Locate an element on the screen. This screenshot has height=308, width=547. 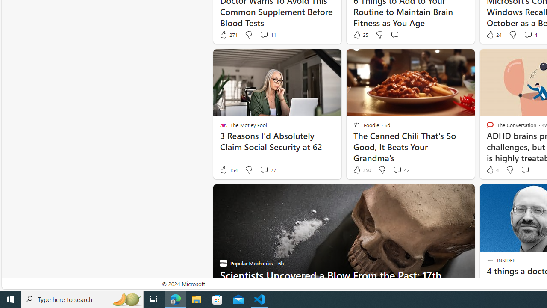
'View comments 11 Comment' is located at coordinates (267, 34).